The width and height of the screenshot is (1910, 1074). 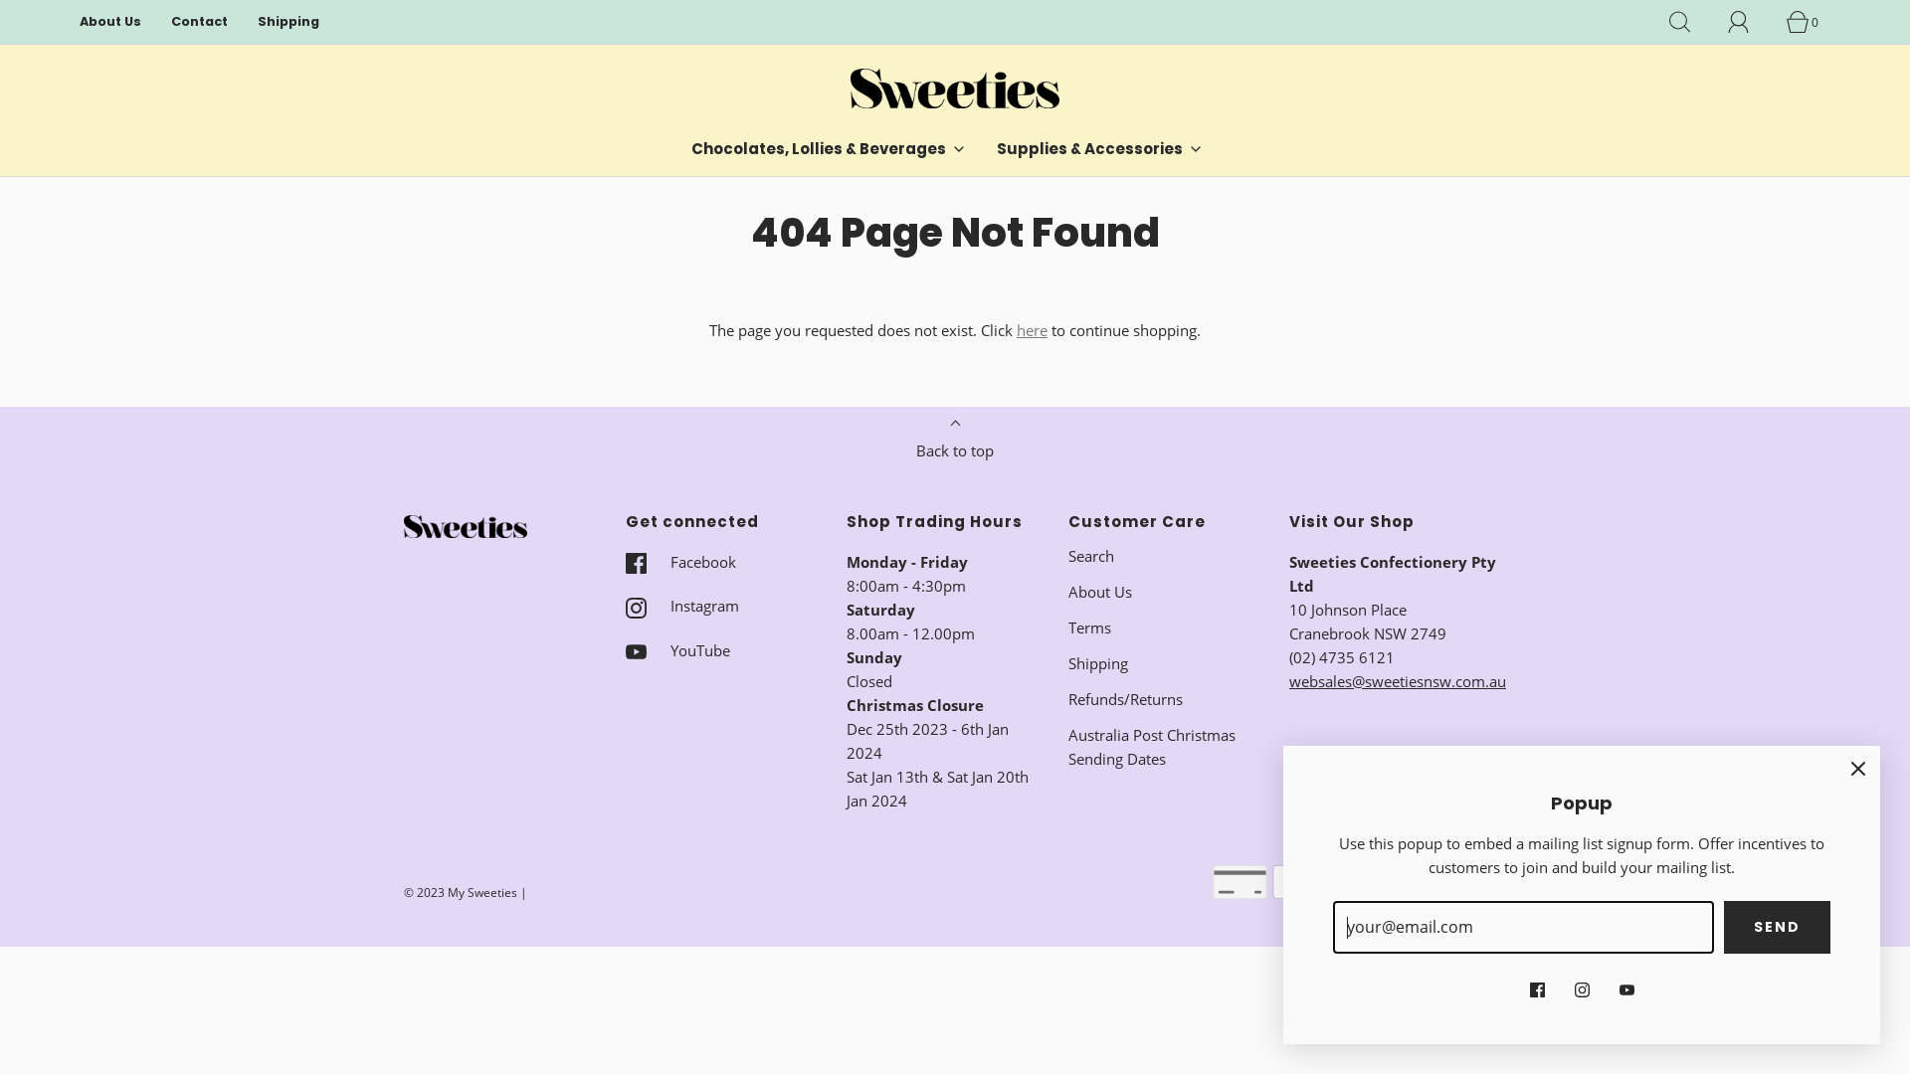 What do you see at coordinates (199, 22) in the screenshot?
I see `'Contact'` at bounding box center [199, 22].